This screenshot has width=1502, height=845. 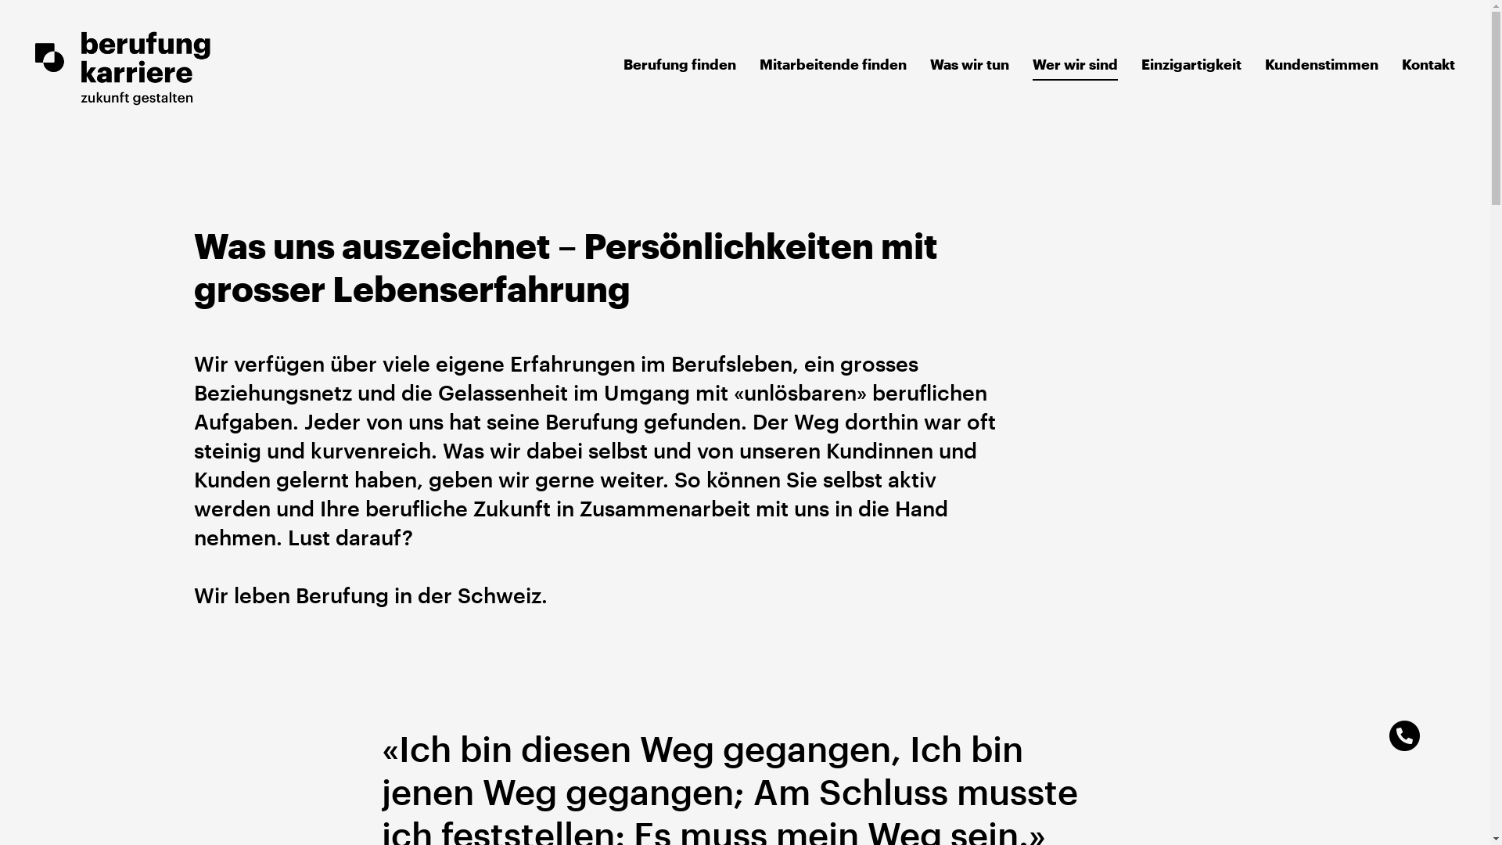 What do you see at coordinates (1321, 63) in the screenshot?
I see `'Kundenstimmen'` at bounding box center [1321, 63].